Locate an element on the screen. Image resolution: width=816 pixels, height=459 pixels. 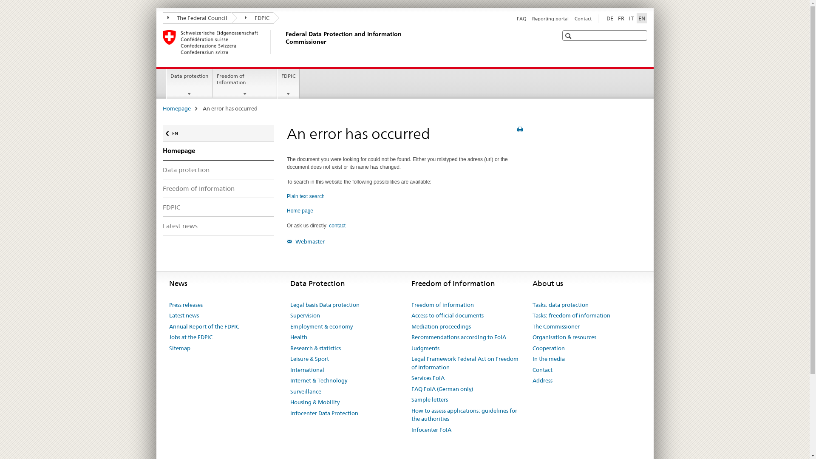
'Homepage' is located at coordinates (162, 108).